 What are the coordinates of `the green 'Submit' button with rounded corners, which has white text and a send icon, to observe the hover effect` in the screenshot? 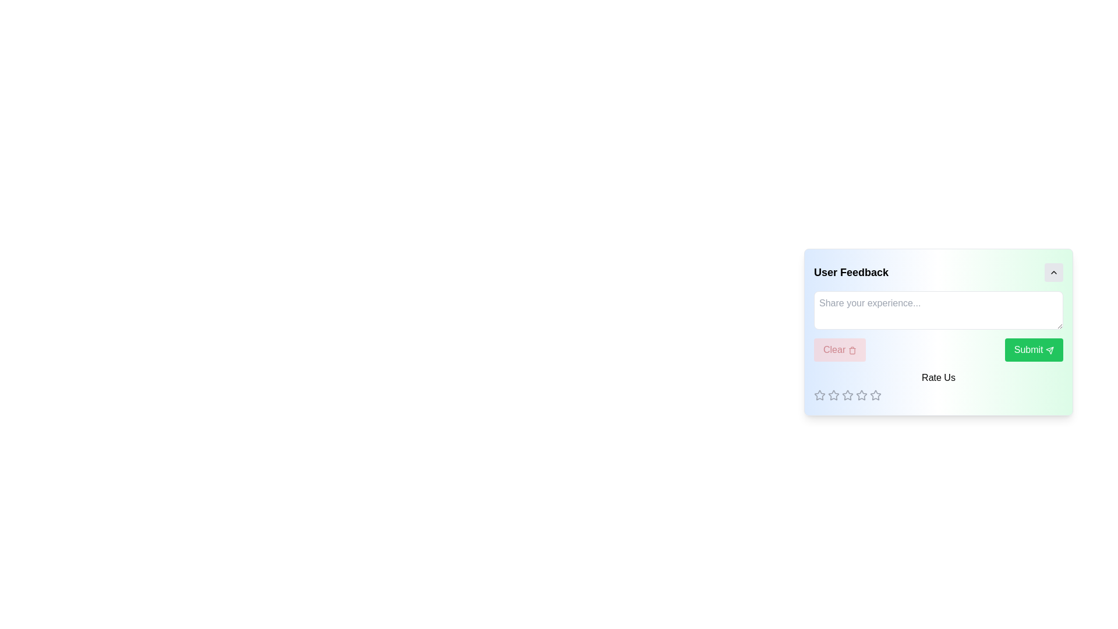 It's located at (1034, 349).